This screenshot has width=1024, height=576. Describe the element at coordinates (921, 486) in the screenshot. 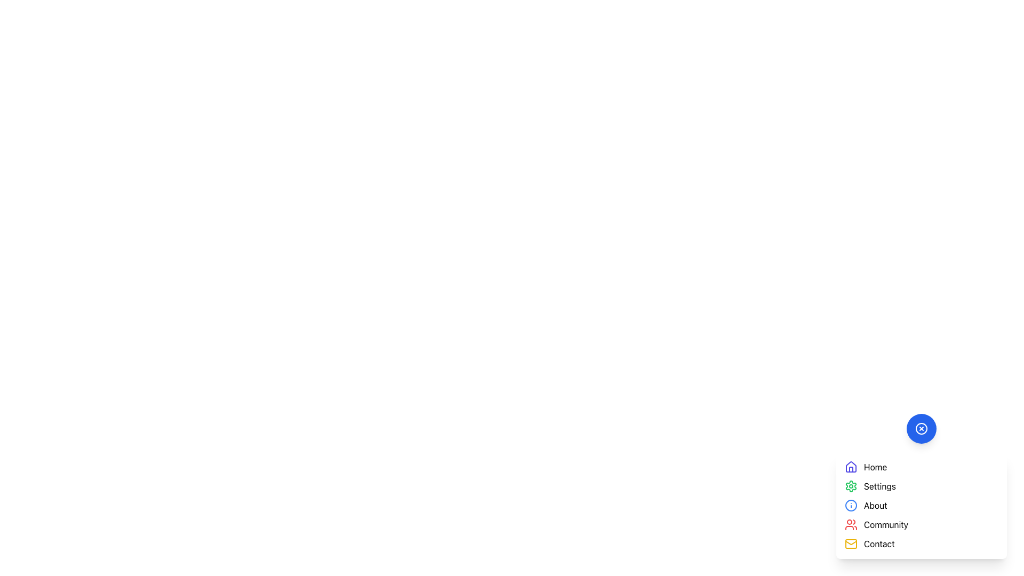

I see `the second item in the vertical navigation menu` at that location.